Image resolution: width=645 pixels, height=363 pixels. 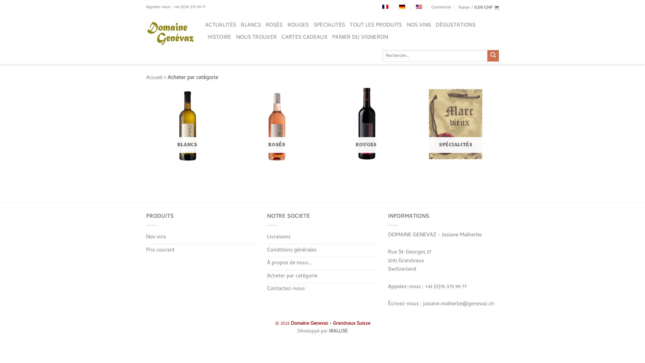 What do you see at coordinates (154, 77) in the screenshot?
I see `'Accueil'` at bounding box center [154, 77].